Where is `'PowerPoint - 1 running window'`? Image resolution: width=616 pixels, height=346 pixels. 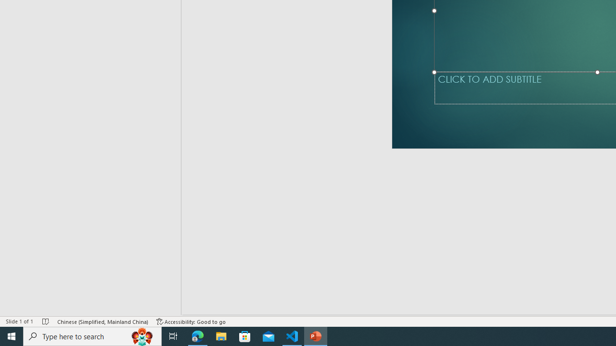 'PowerPoint - 1 running window' is located at coordinates (316, 335).